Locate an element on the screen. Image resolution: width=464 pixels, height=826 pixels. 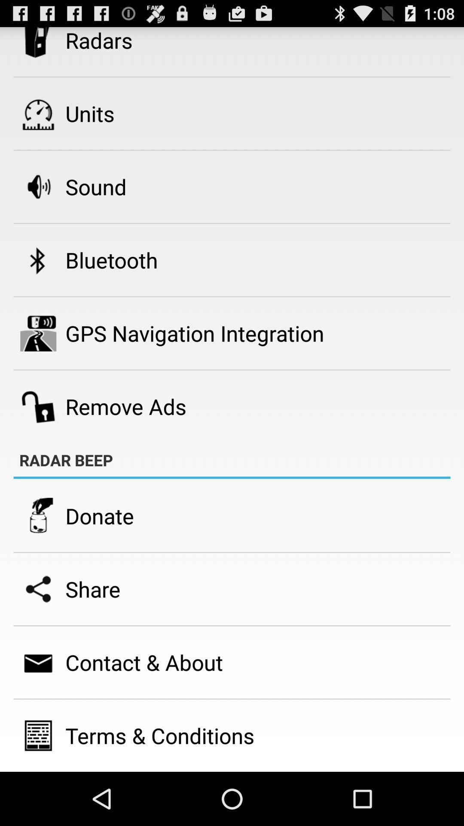
units item is located at coordinates (90, 113).